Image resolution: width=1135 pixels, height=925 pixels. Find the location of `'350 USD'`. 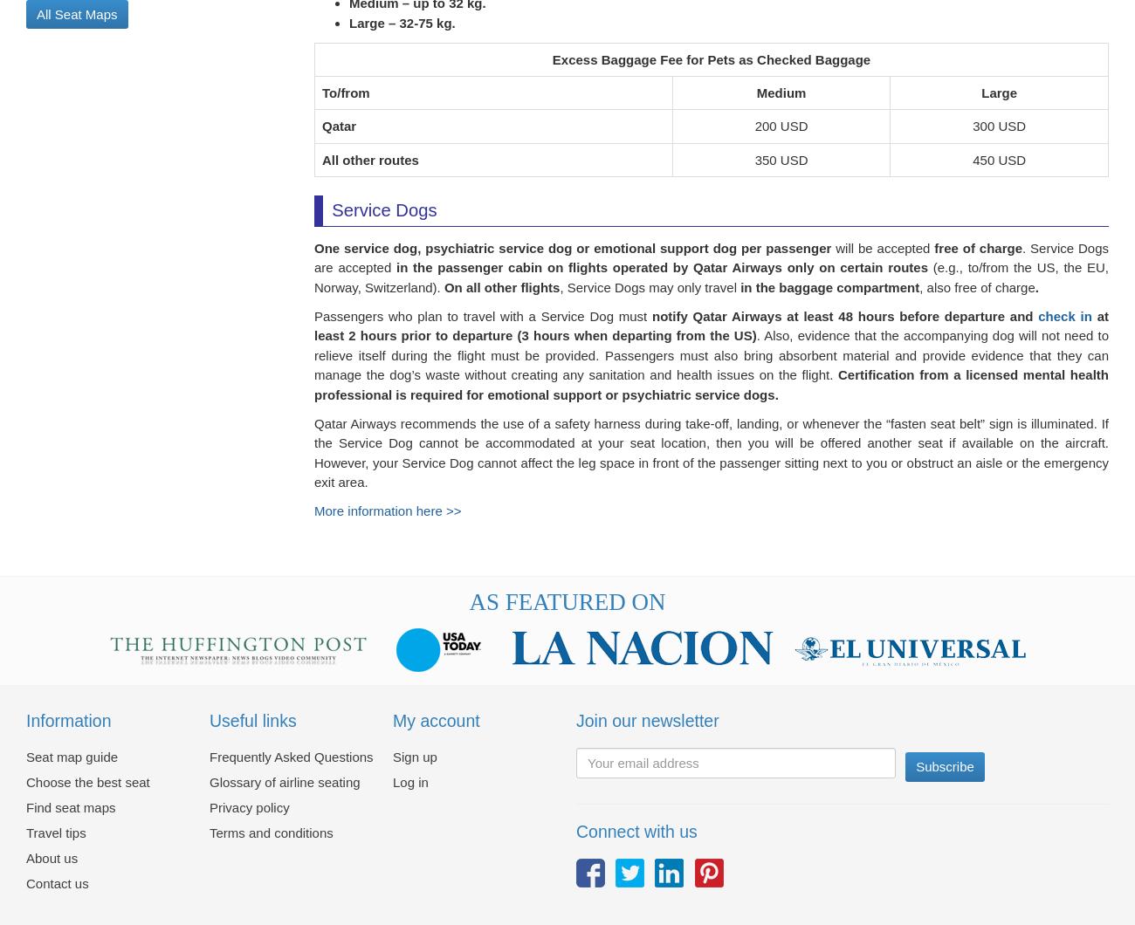

'350 USD' is located at coordinates (780, 169).